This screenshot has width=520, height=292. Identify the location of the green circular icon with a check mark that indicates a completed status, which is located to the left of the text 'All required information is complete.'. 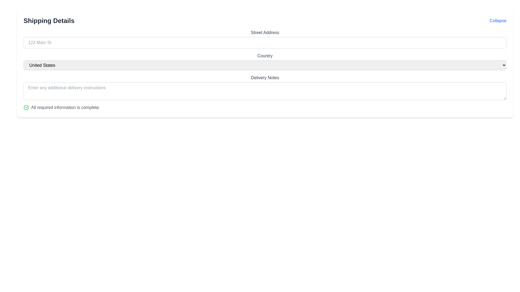
(26, 107).